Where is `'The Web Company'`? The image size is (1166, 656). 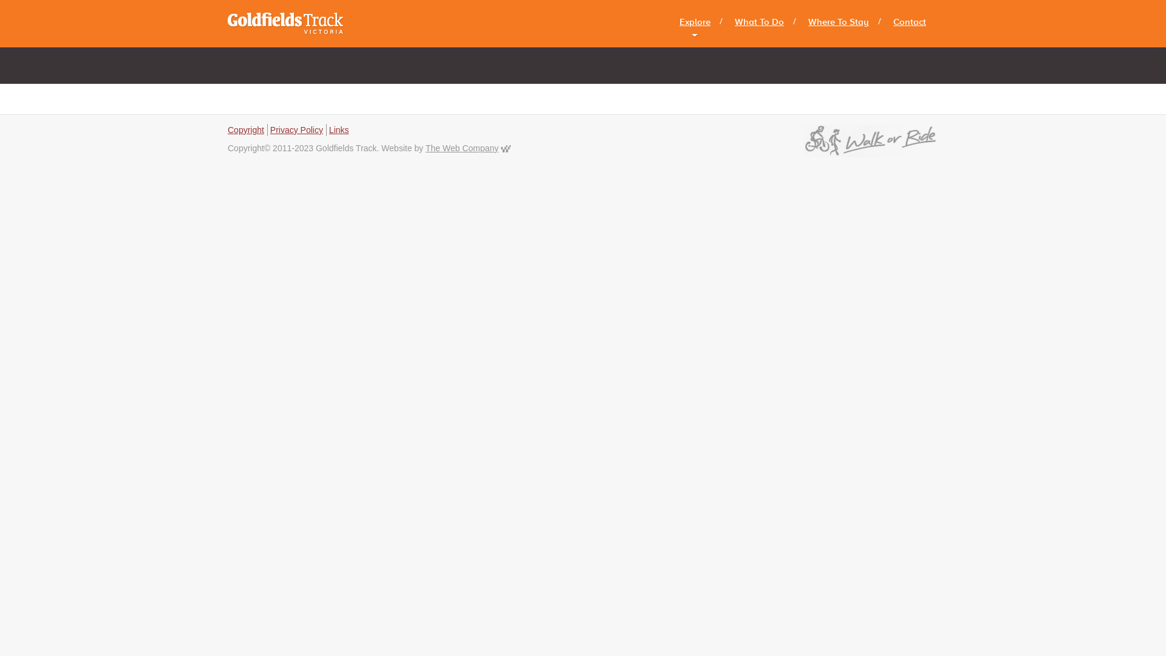 'The Web Company' is located at coordinates (506, 147).